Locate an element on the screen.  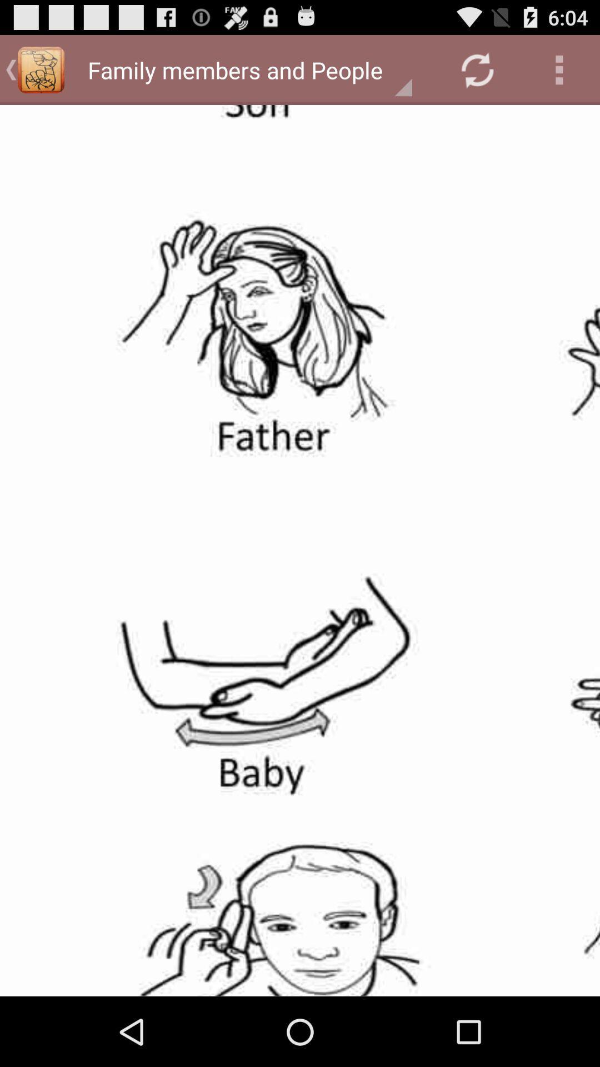
share the article is located at coordinates (300, 550).